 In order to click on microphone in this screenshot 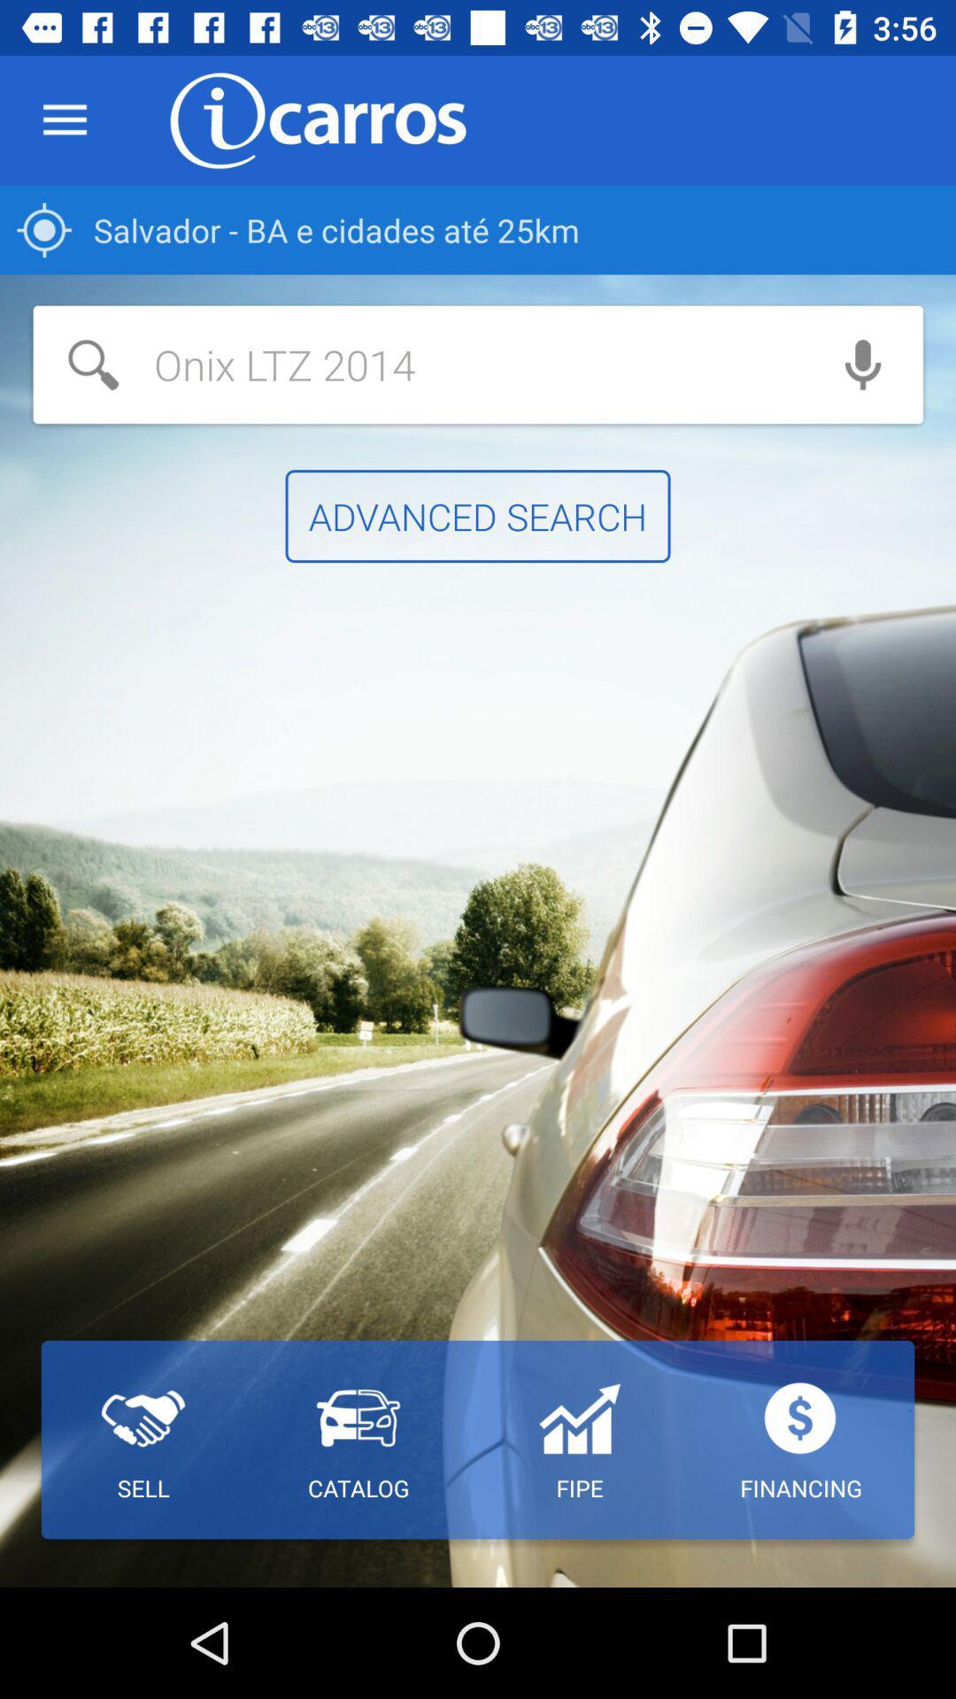, I will do `click(862, 364)`.